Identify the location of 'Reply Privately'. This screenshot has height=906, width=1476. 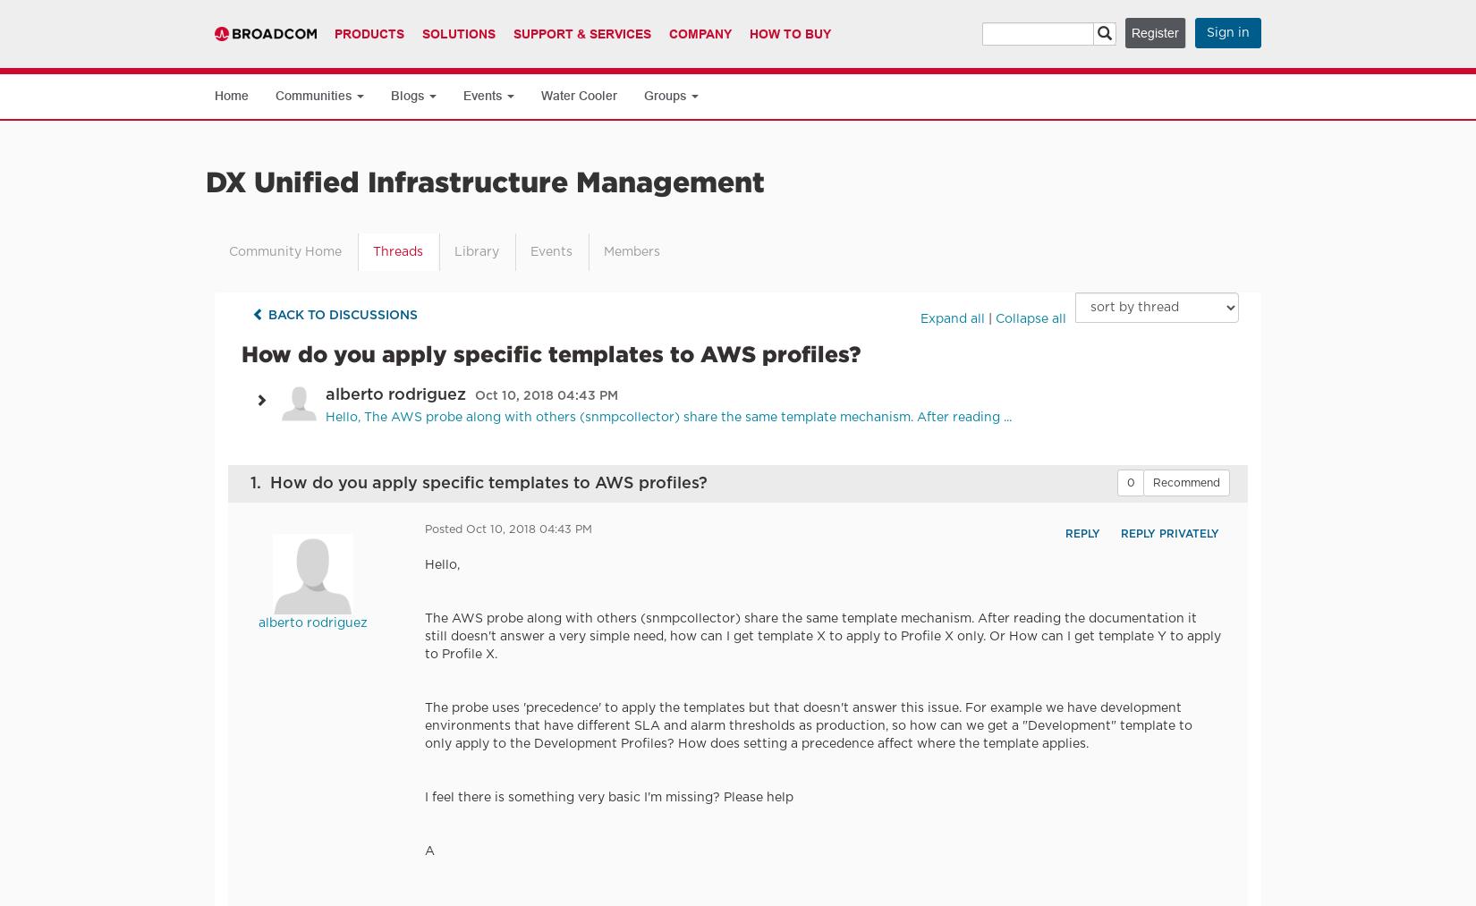
(1167, 533).